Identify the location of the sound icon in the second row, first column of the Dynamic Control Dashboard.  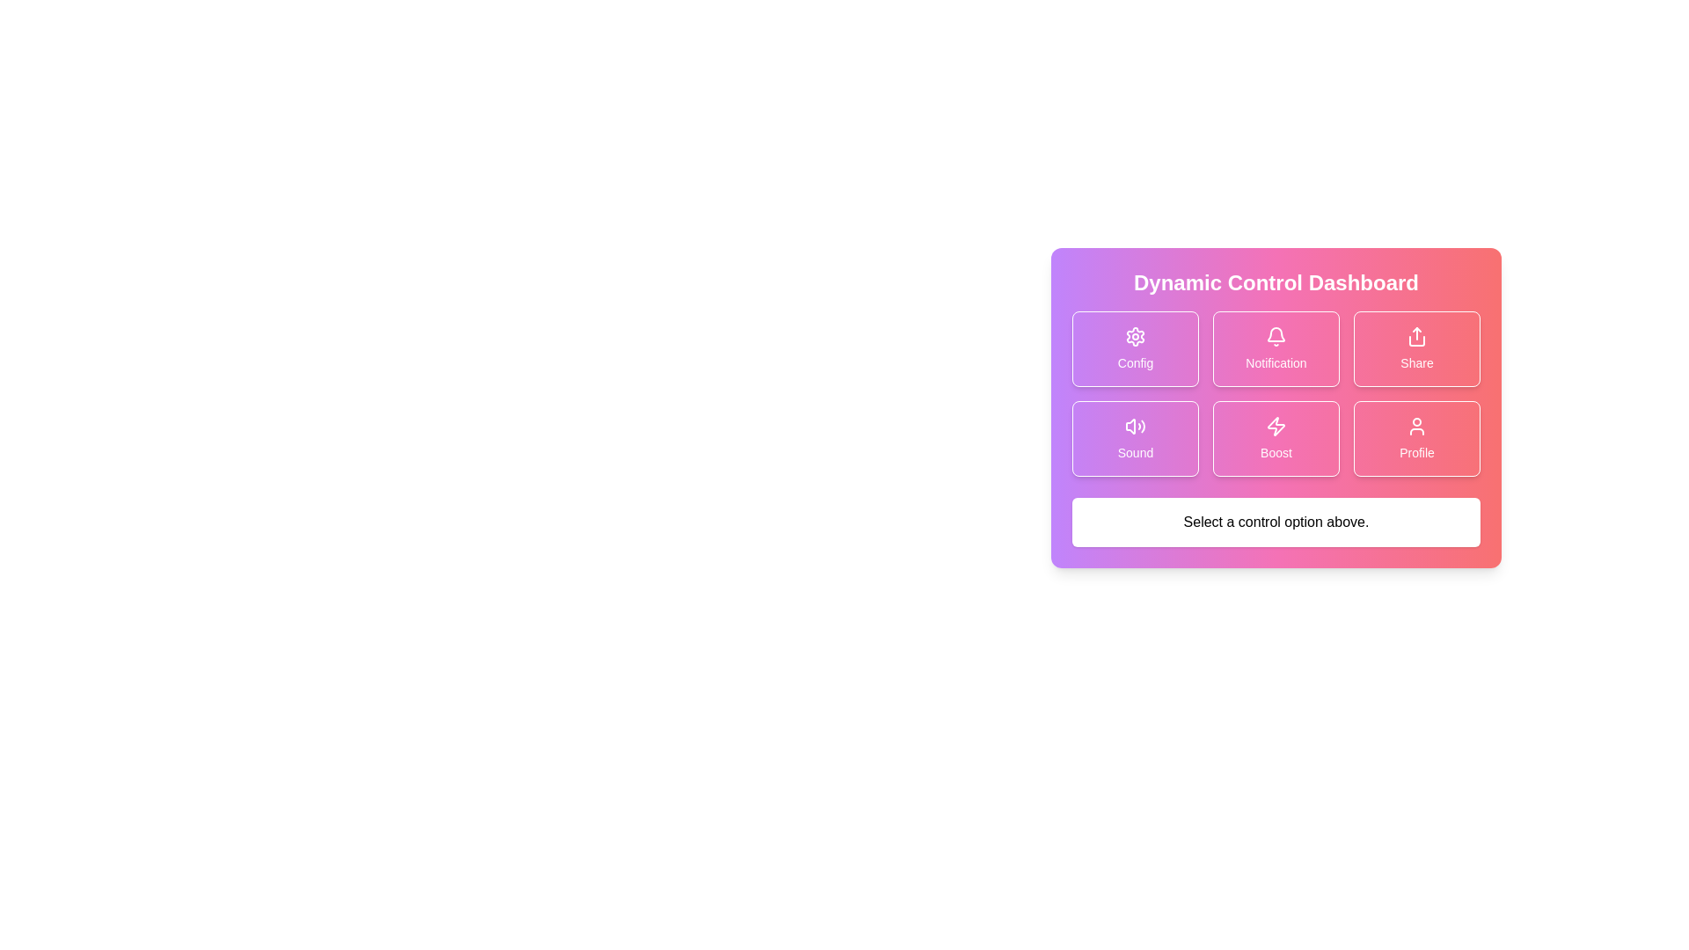
(1136, 427).